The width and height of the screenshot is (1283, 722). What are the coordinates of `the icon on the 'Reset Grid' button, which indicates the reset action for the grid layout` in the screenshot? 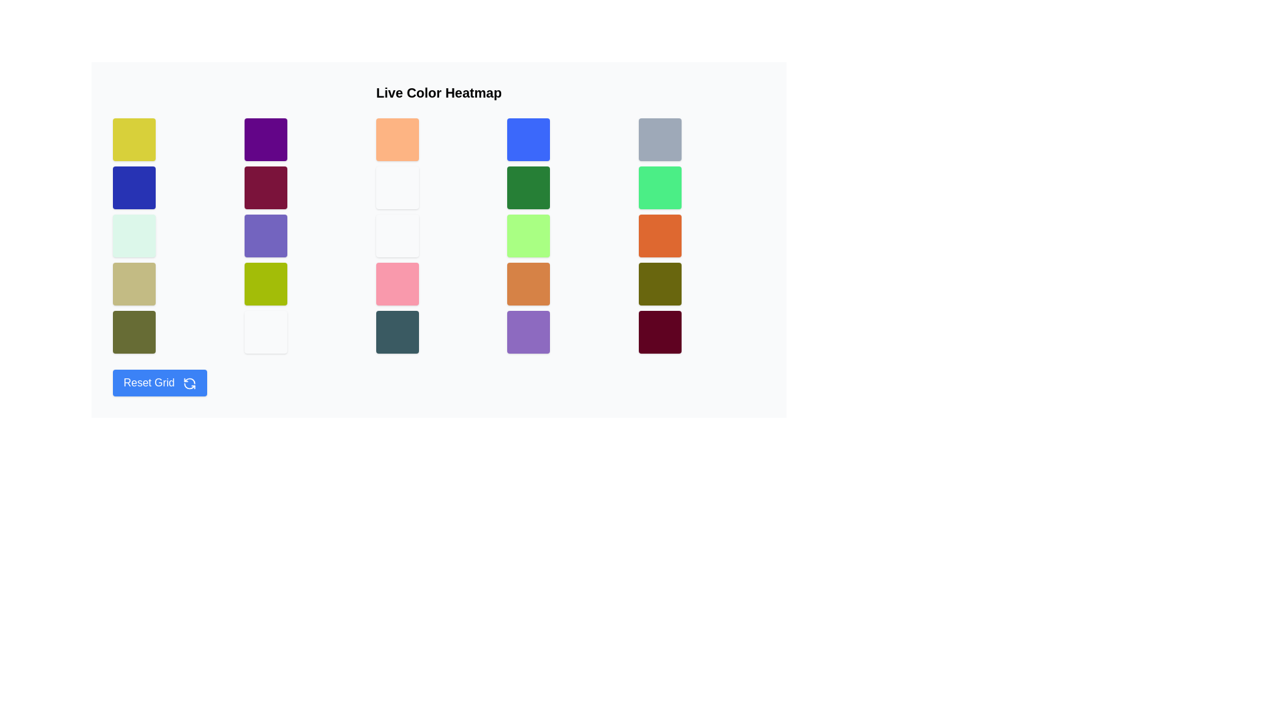 It's located at (188, 383).